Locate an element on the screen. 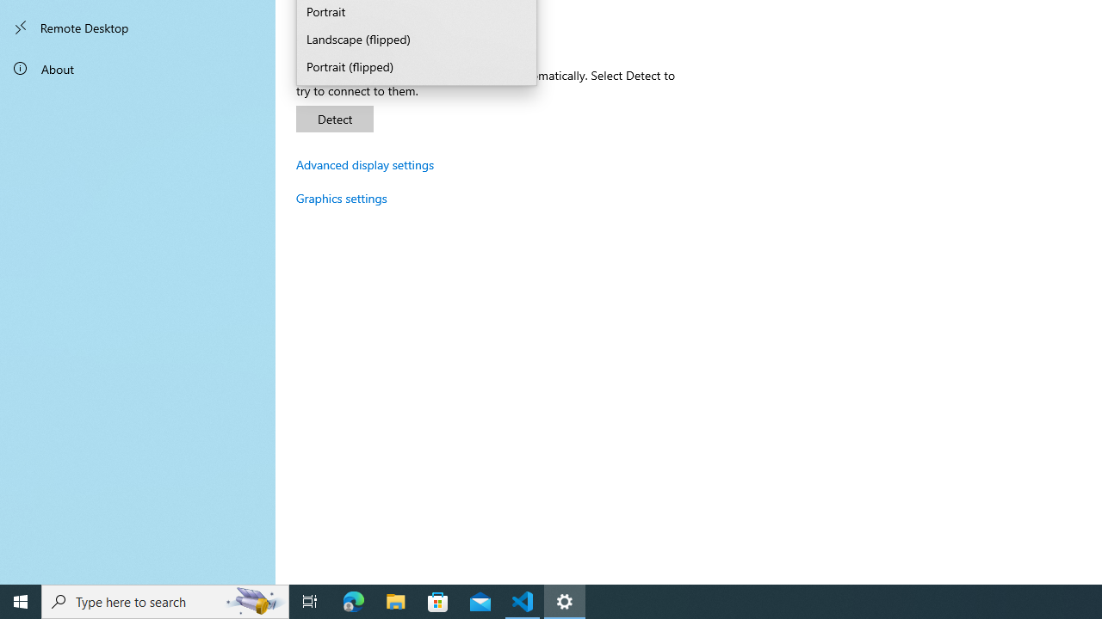 The image size is (1102, 619). 'Remote Desktop' is located at coordinates (138, 28).